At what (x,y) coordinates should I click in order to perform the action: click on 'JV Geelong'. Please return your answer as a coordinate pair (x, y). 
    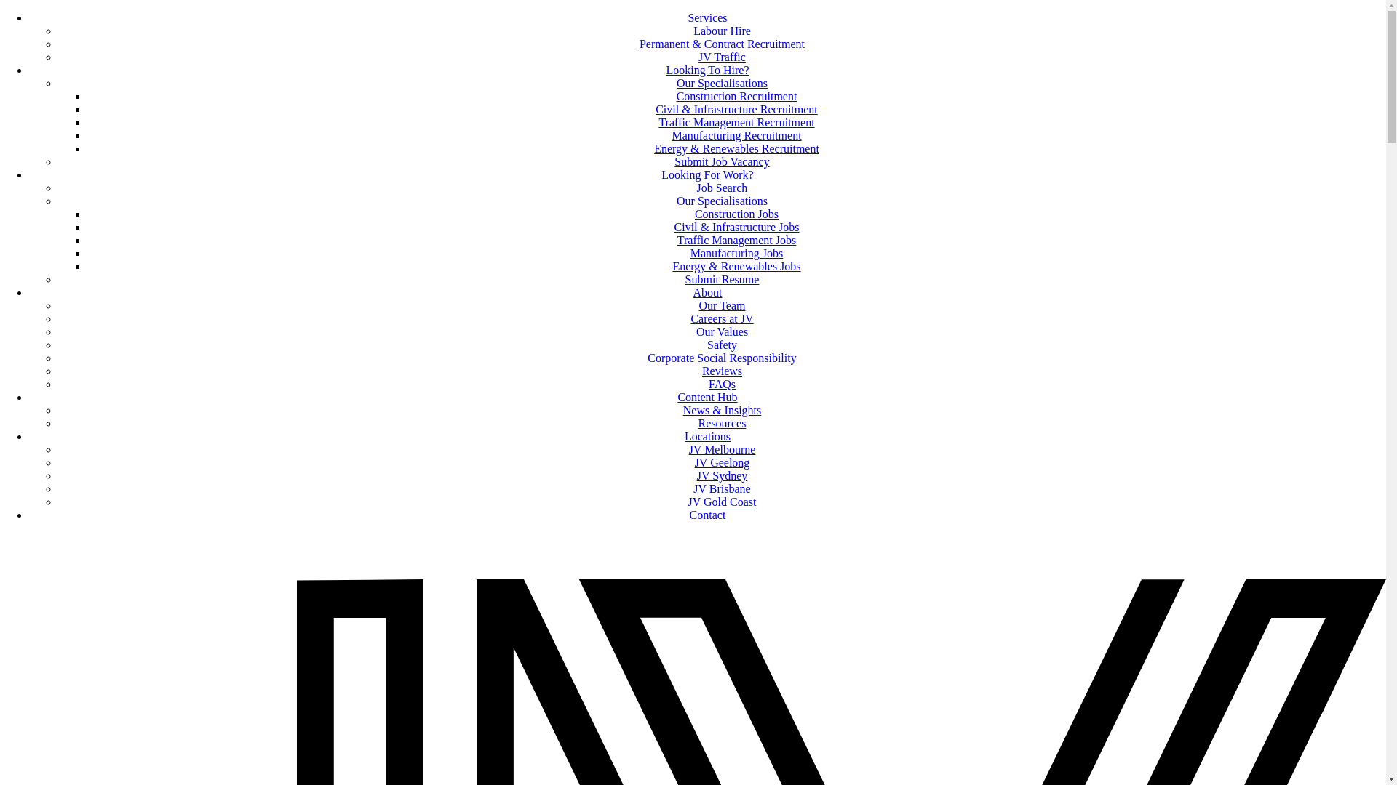
    Looking at the image, I should click on (694, 462).